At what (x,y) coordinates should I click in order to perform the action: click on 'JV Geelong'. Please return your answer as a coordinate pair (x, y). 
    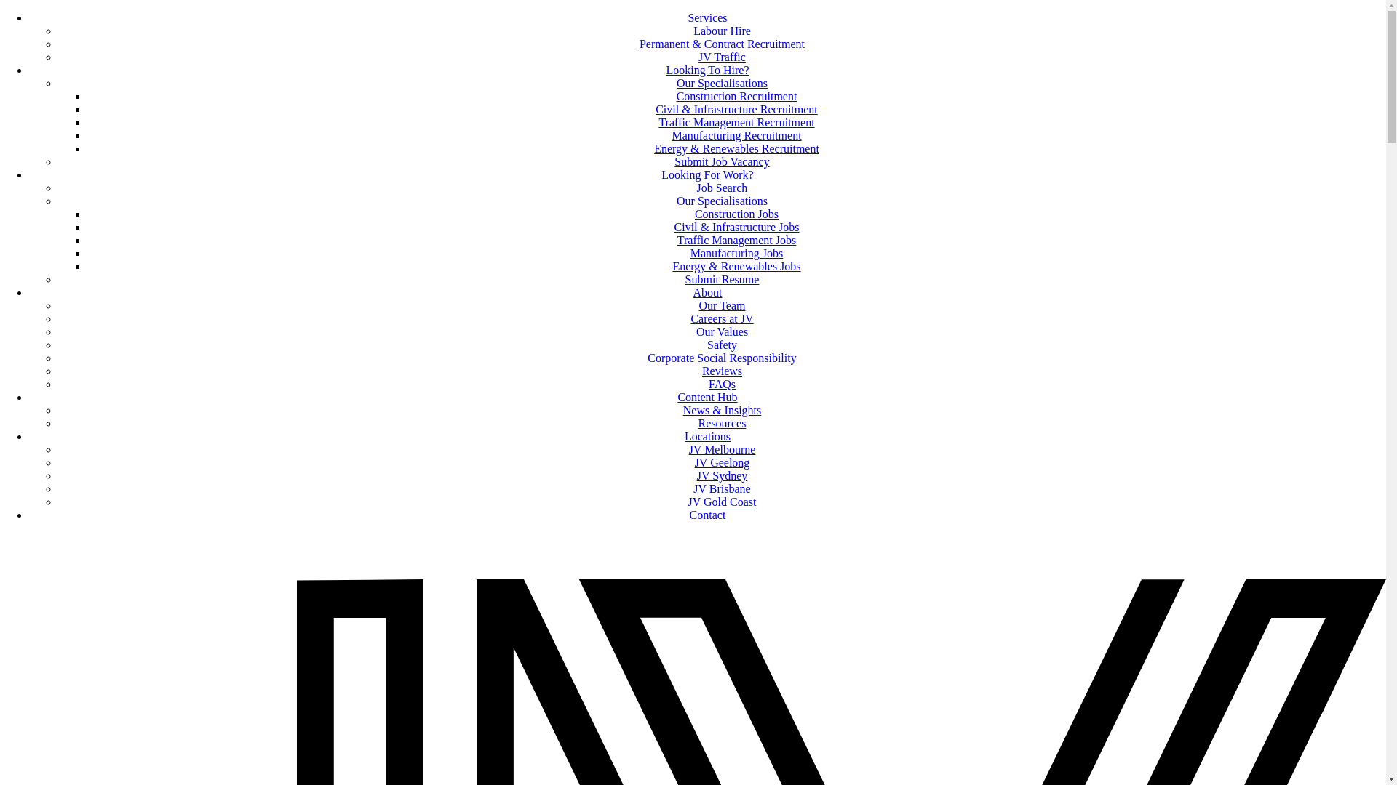
    Looking at the image, I should click on (694, 462).